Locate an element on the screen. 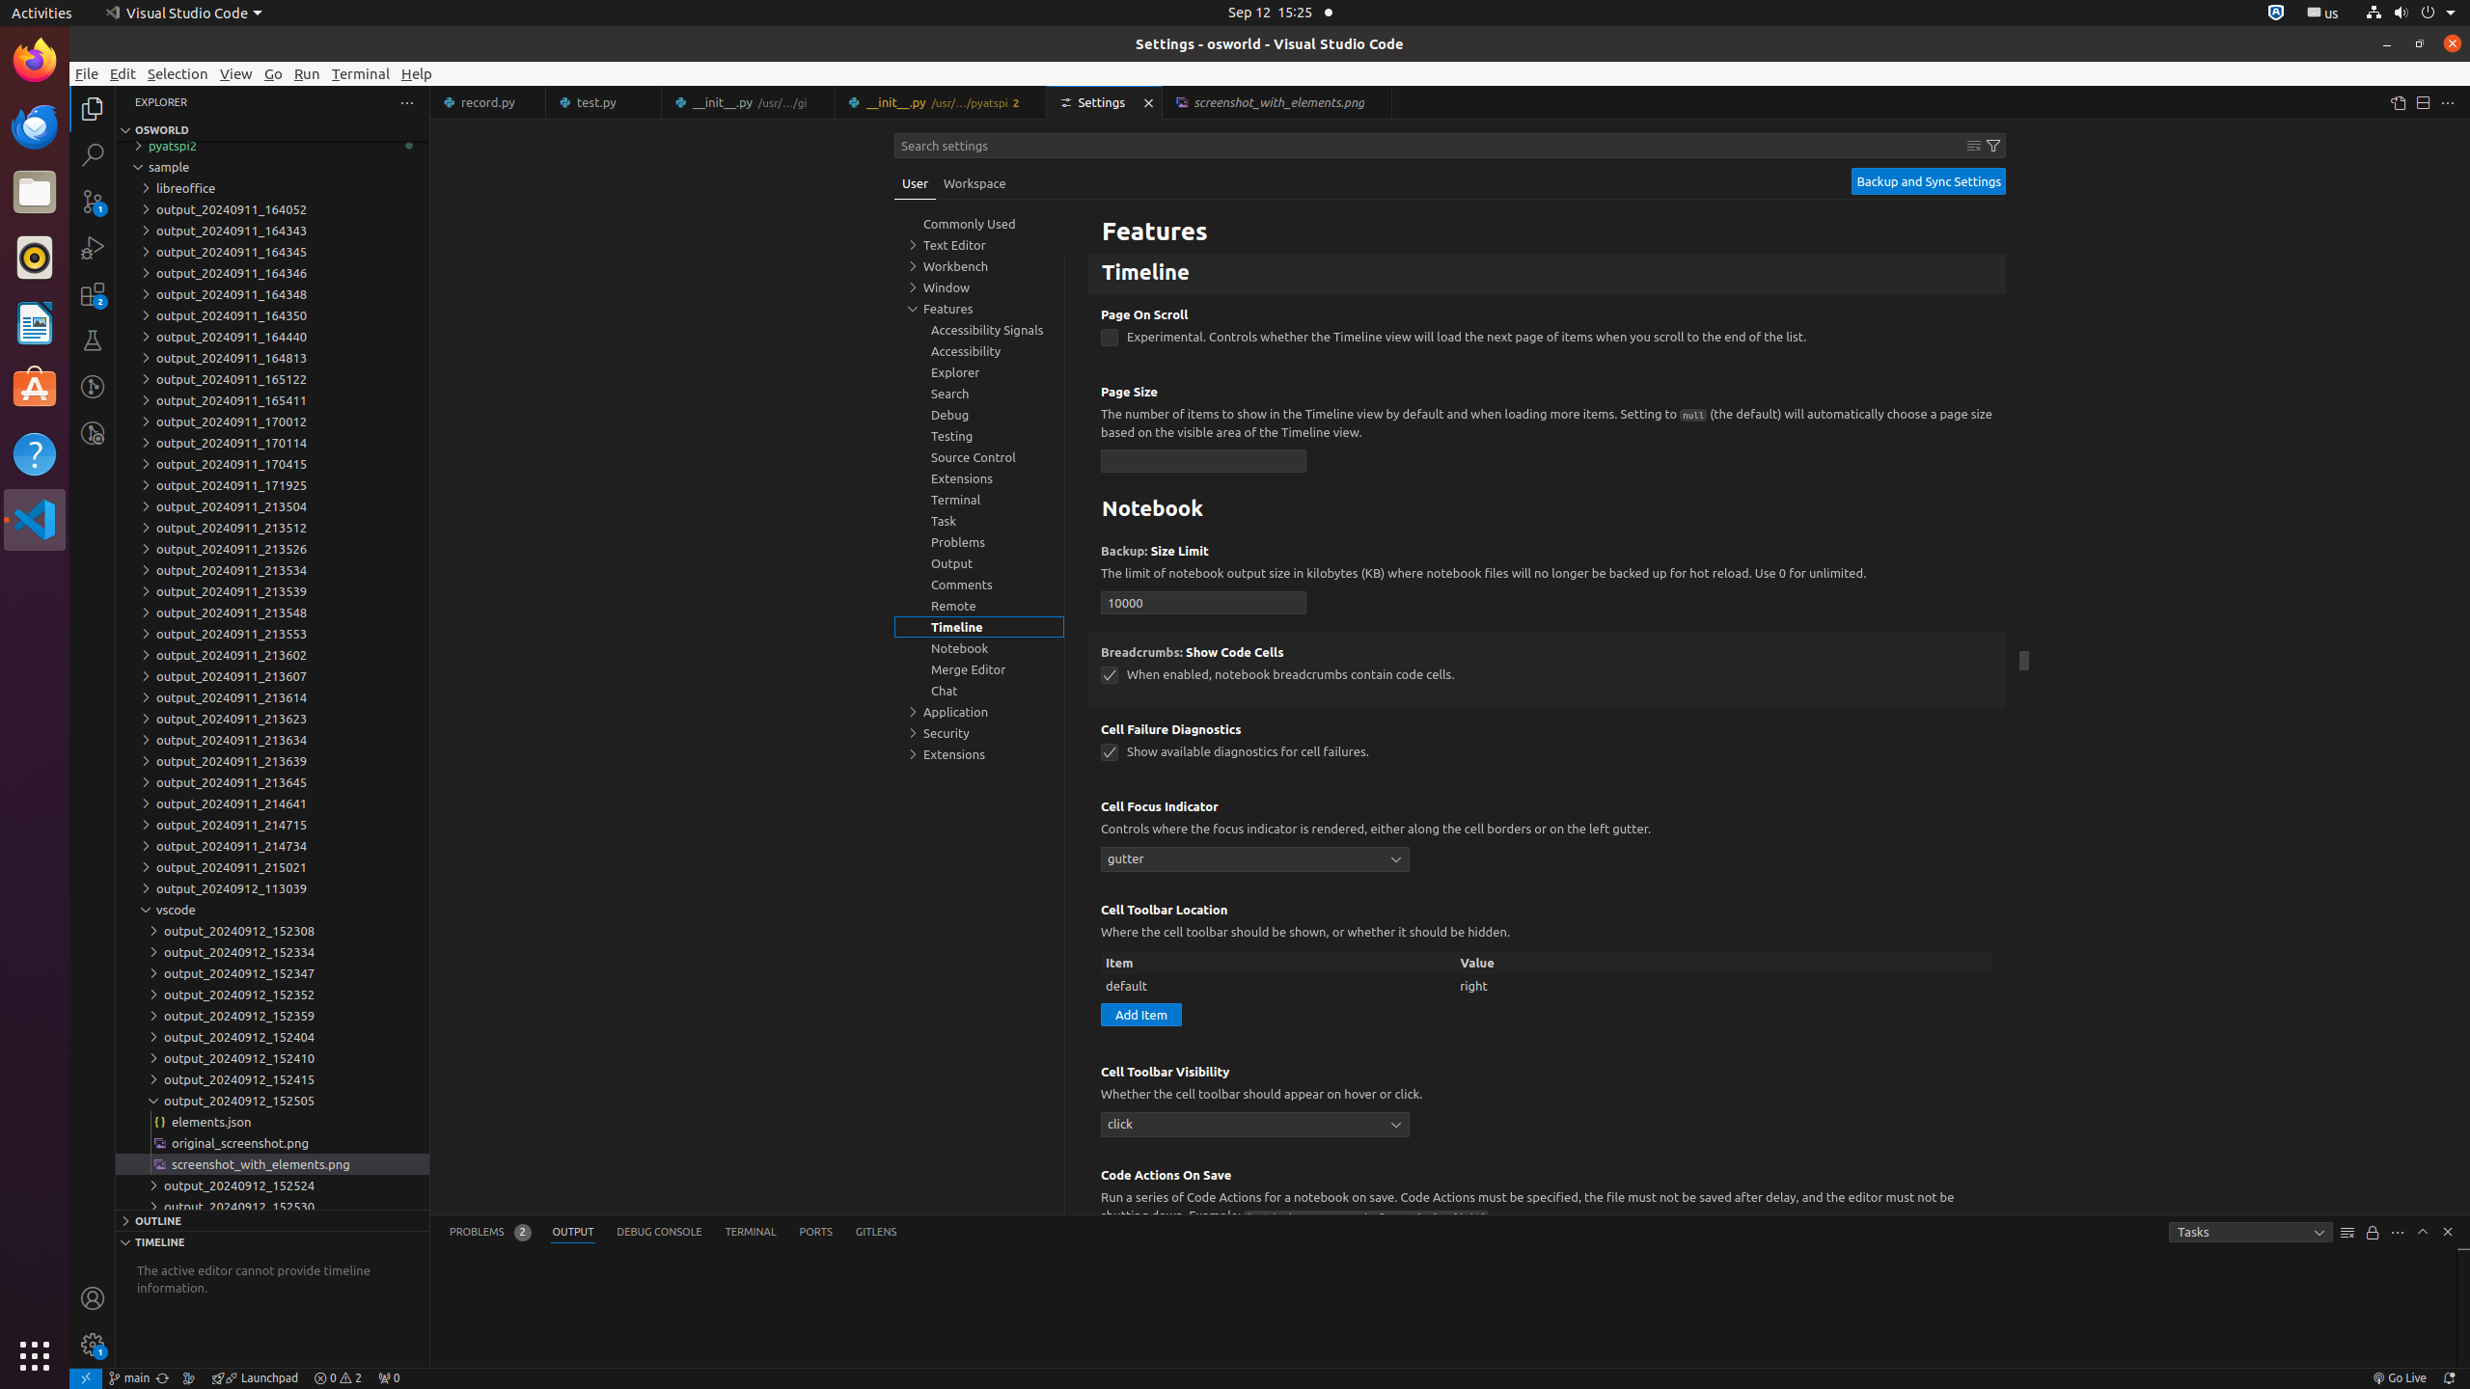  'Close (Ctrl+W)' is located at coordinates (1377, 102).